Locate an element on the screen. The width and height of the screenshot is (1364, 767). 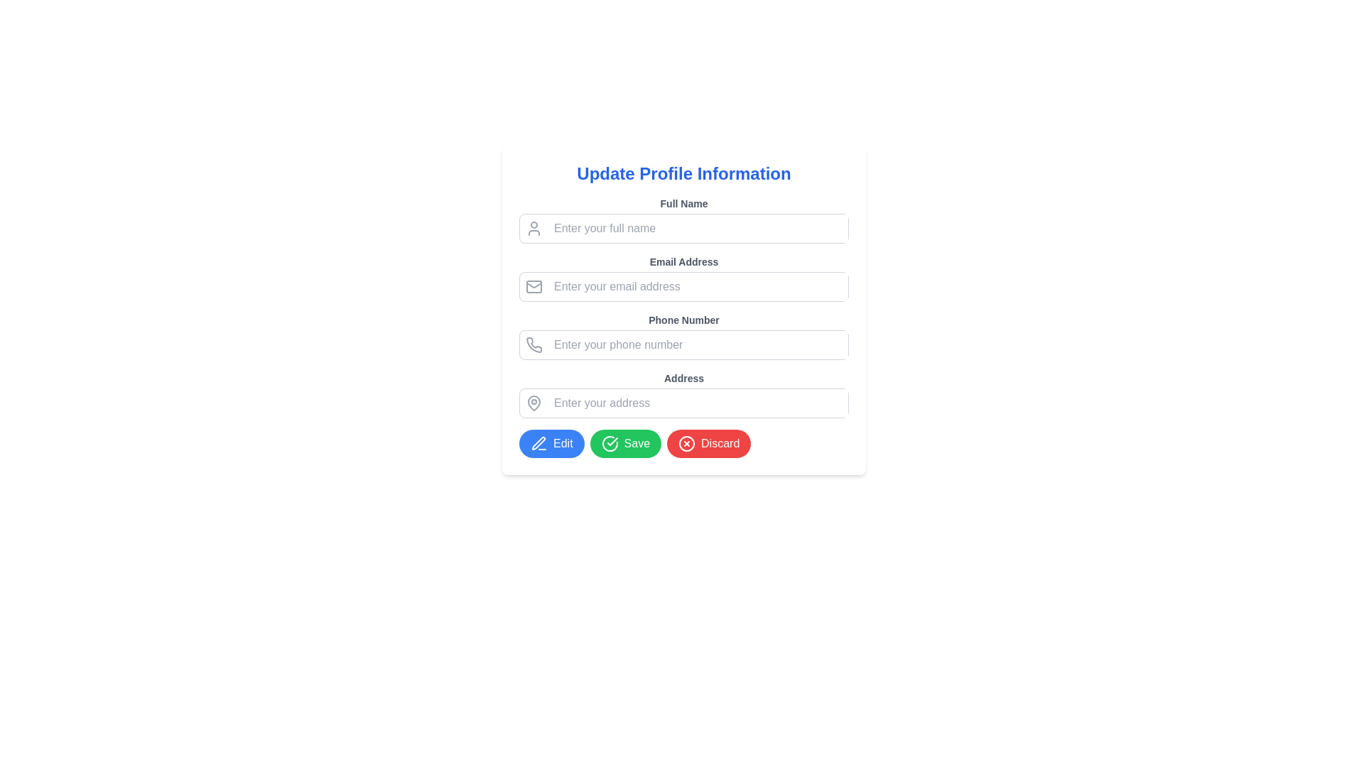
the email input field below the 'Full Name' field to focus the input for email address entry is located at coordinates (684, 278).